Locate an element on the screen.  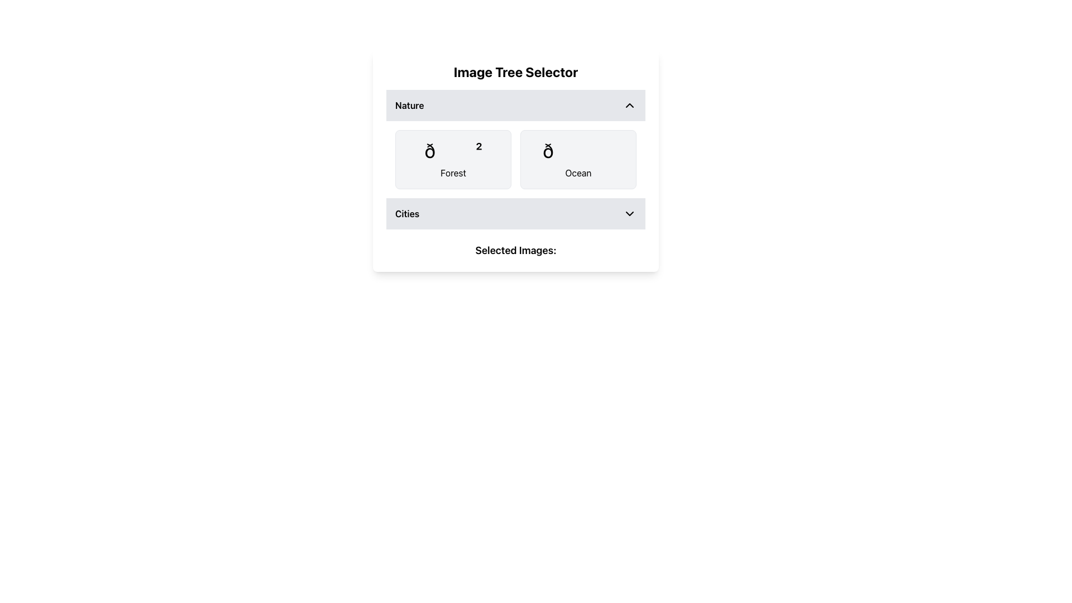
the static label located at the bottom of the 'Image Tree Selector' card layout, right below the 'Cities' section is located at coordinates (515, 250).